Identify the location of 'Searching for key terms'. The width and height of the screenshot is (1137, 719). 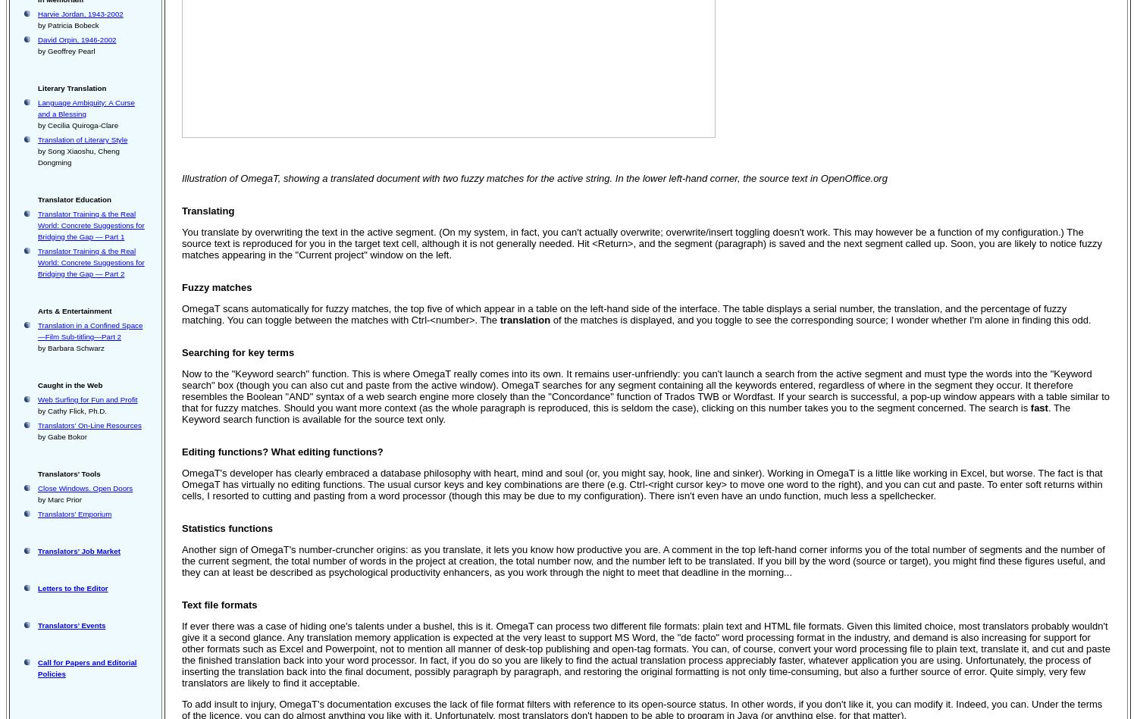
(181, 352).